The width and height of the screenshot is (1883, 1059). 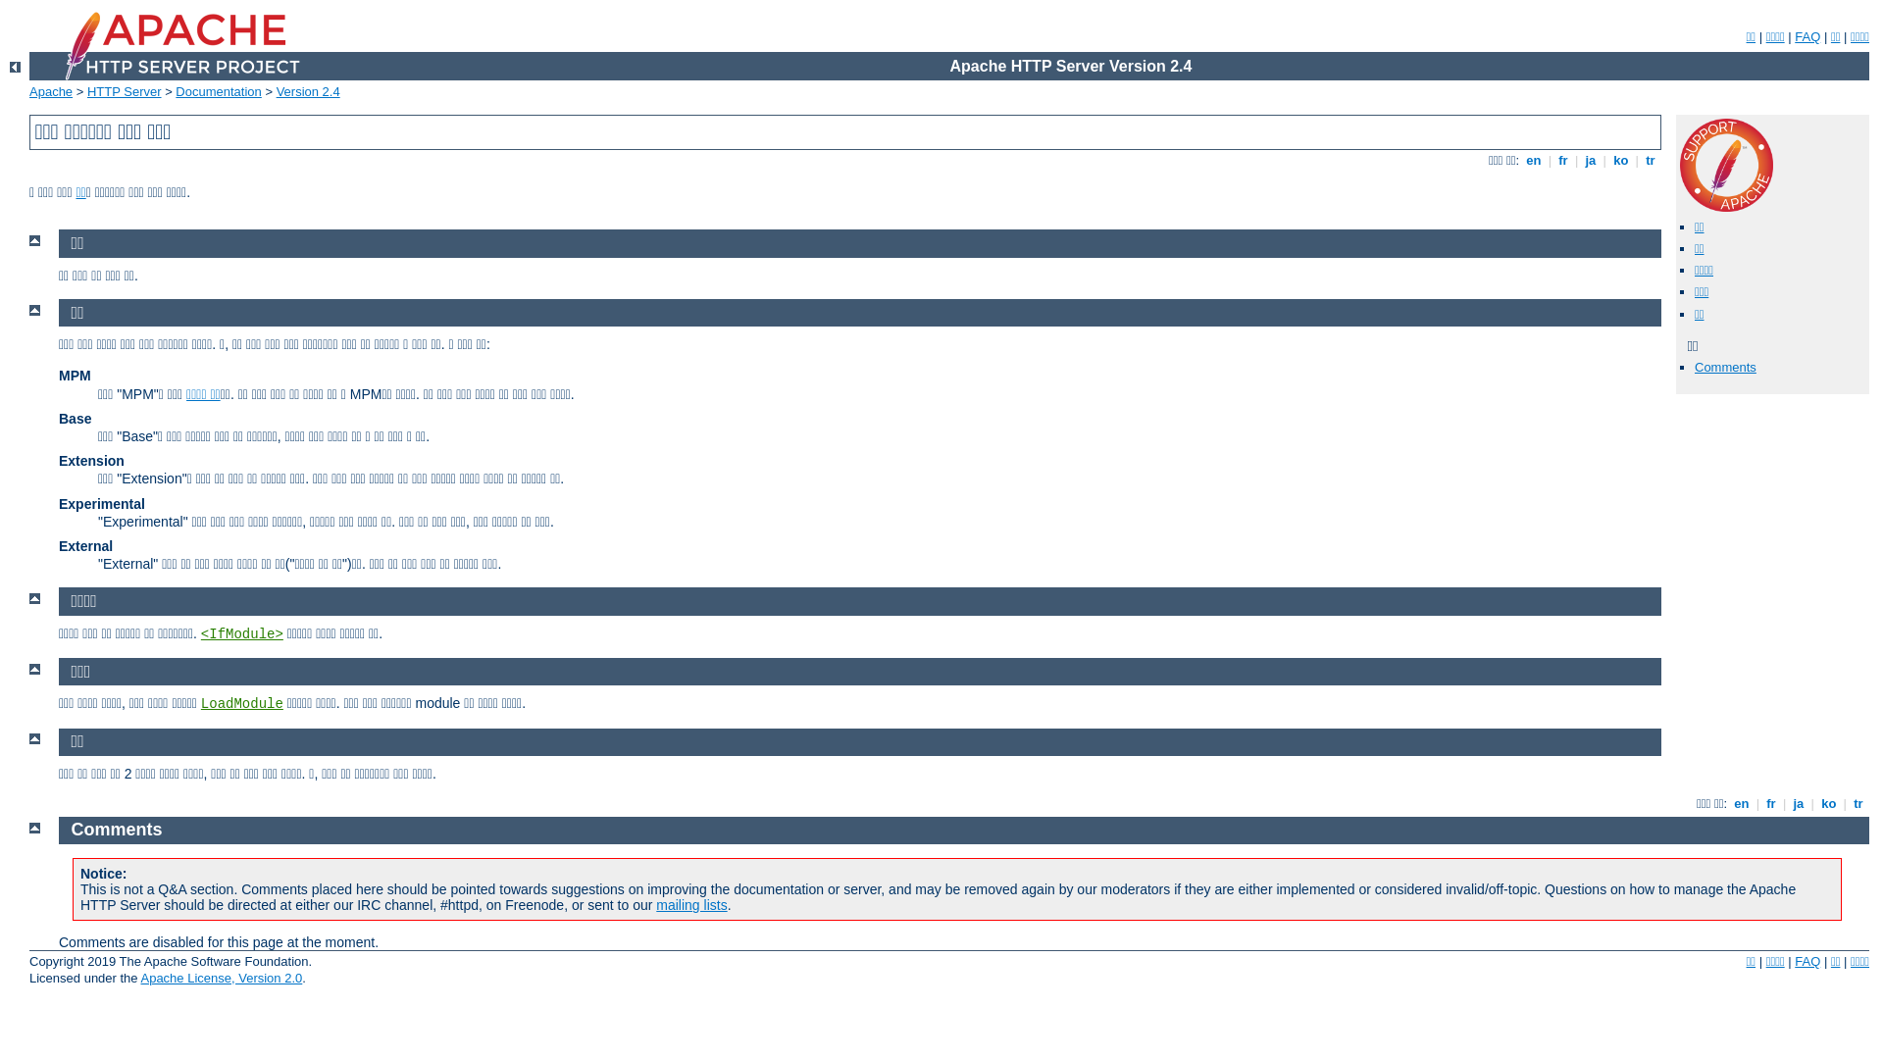 What do you see at coordinates (307, 91) in the screenshot?
I see `'Version 2.4'` at bounding box center [307, 91].